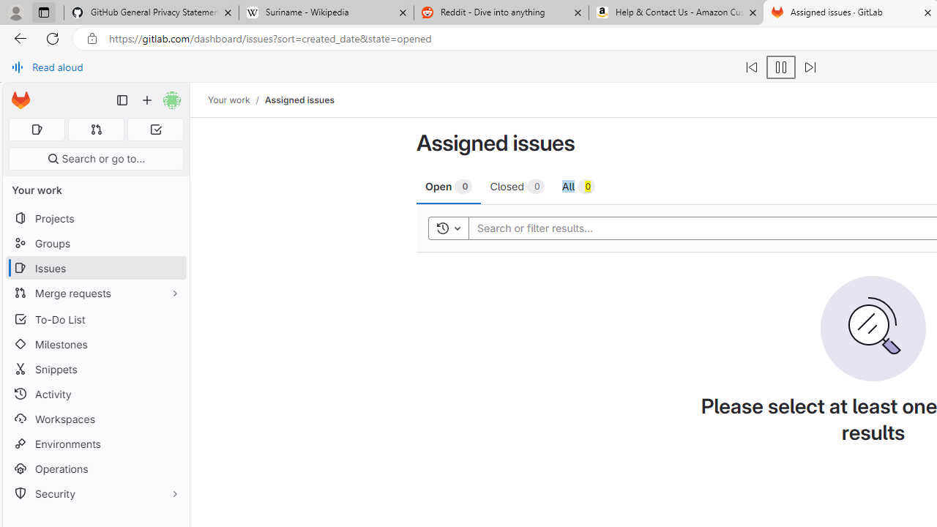 The height and width of the screenshot is (527, 937). I want to click on 'Read previous paragraph', so click(751, 67).